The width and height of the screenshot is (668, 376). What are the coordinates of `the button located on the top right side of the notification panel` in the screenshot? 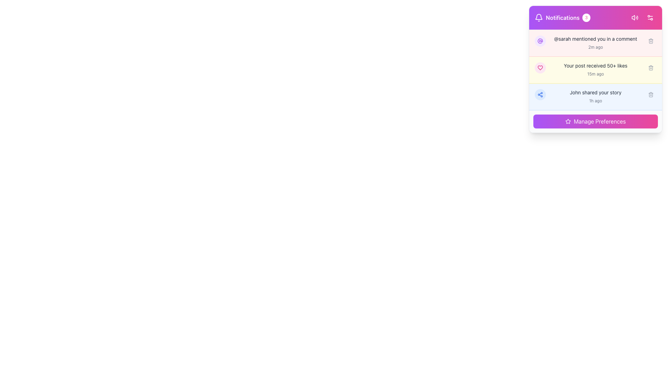 It's located at (650, 17).